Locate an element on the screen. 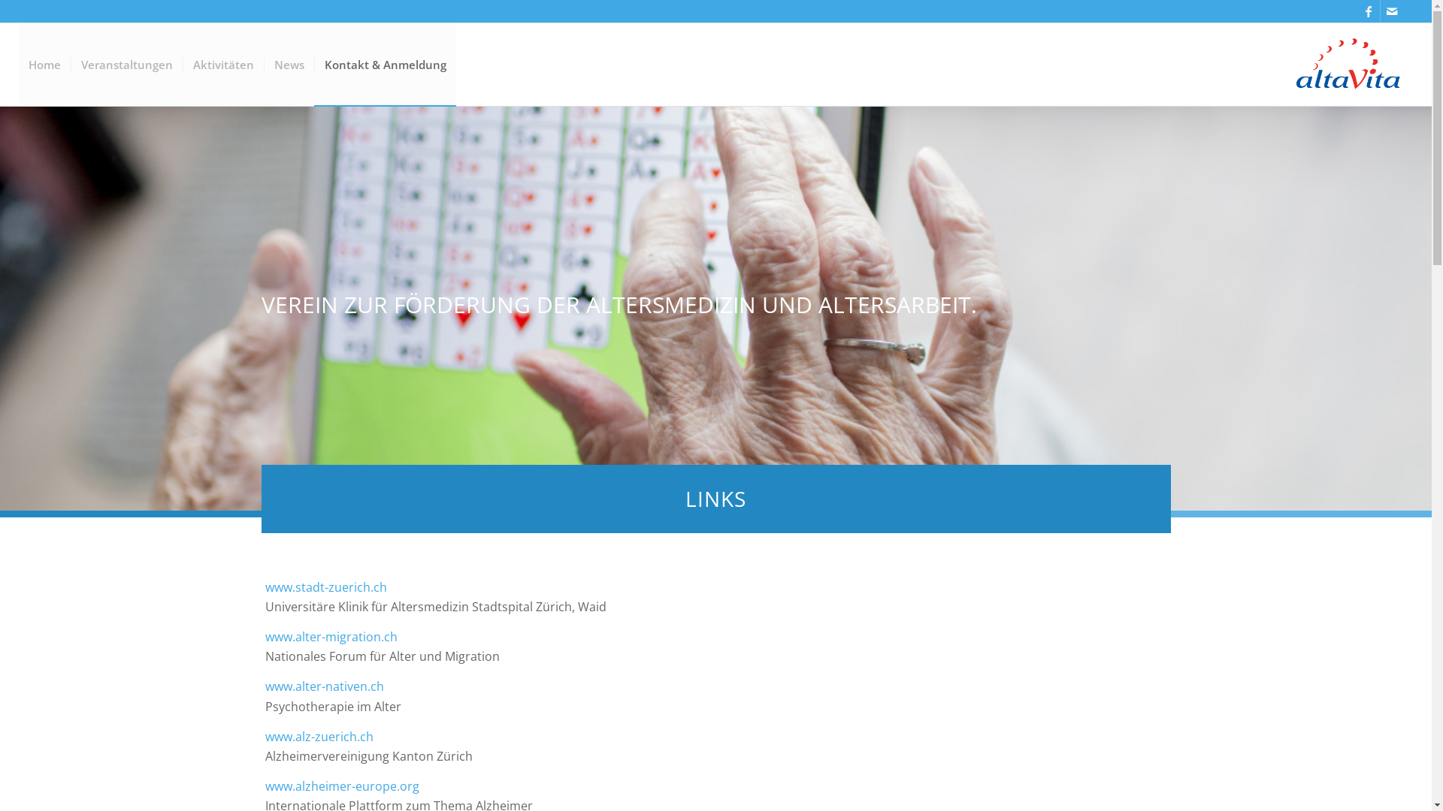 This screenshot has height=811, width=1443. 'www.alzheimer-europe.org' is located at coordinates (340, 785).